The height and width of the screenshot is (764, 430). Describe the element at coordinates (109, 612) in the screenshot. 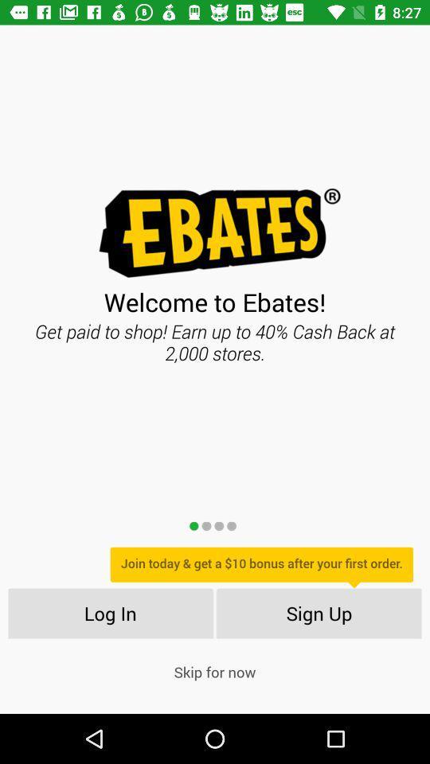

I see `icon above skip for now icon` at that location.